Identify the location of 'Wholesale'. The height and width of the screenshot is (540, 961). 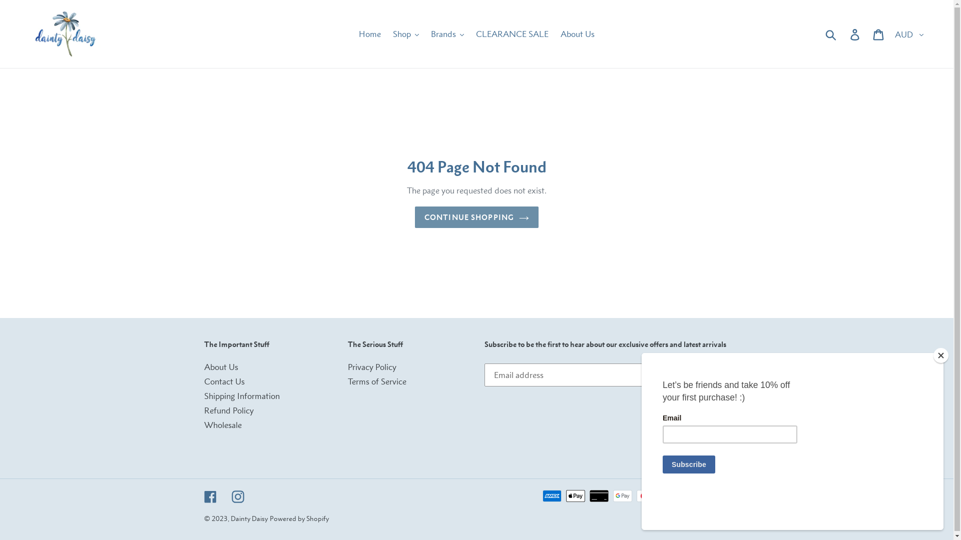
(222, 424).